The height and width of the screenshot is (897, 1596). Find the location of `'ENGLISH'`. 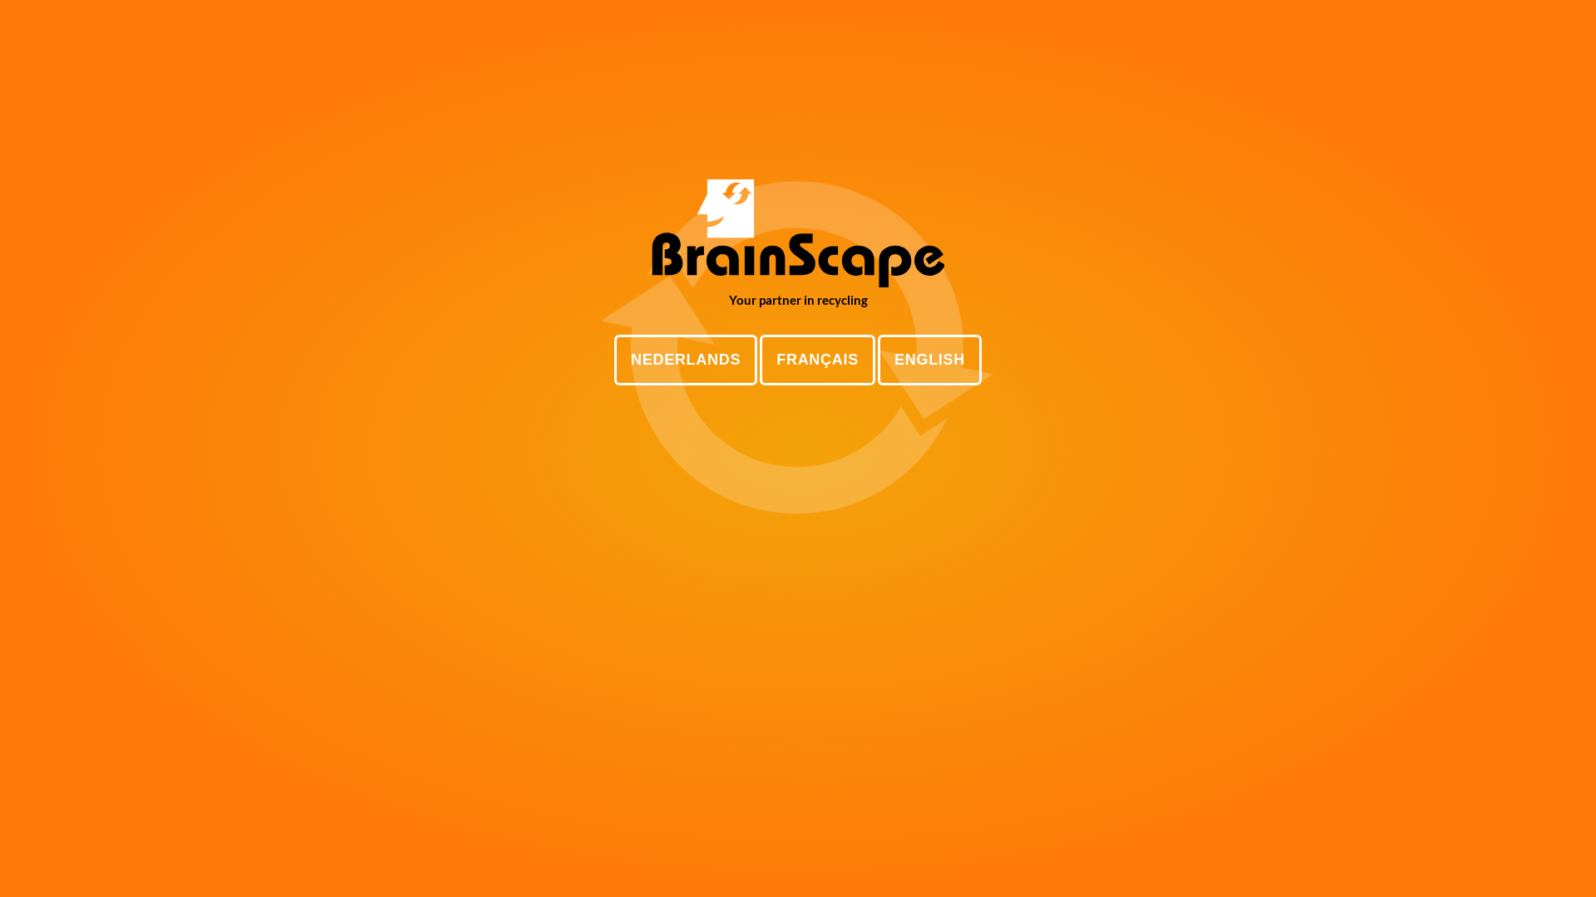

'ENGLISH' is located at coordinates (929, 359).